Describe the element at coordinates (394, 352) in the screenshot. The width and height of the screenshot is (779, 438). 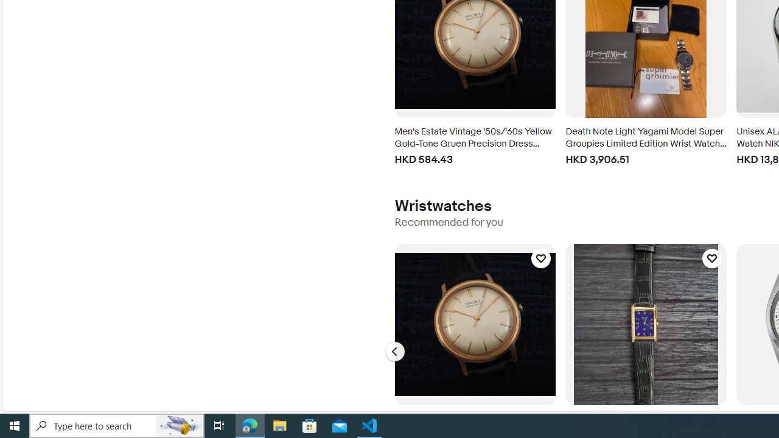
I see `'Go to the previous slide, Wristwatches - Carousel'` at that location.